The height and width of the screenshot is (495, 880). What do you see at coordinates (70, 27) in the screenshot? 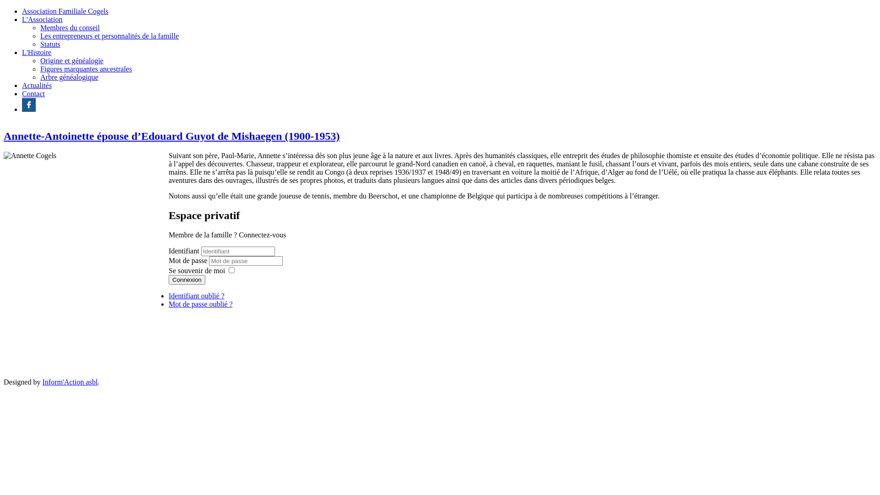
I see `'Membres du conseil'` at bounding box center [70, 27].